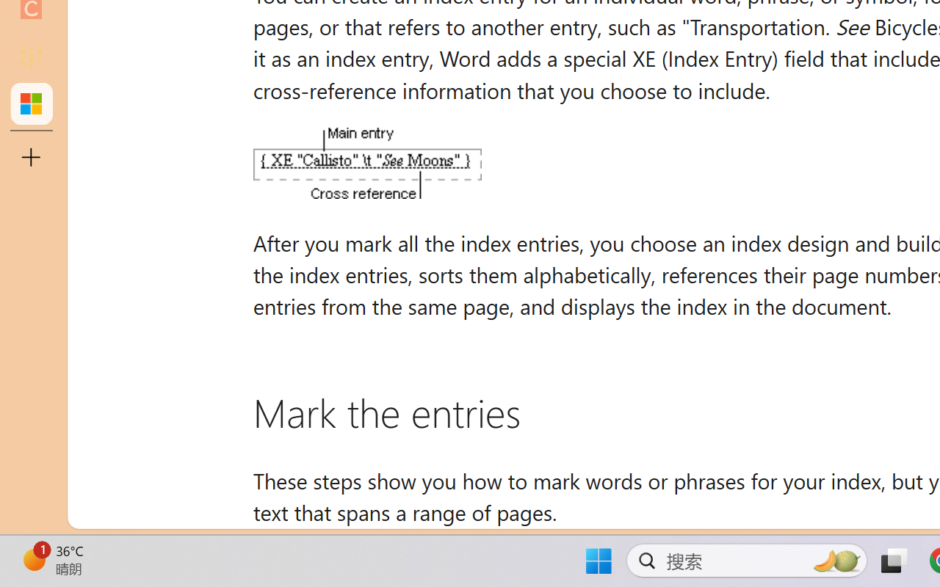 This screenshot has width=940, height=587. What do you see at coordinates (366, 163) in the screenshot?
I see `'An XE (Index Entry) field'` at bounding box center [366, 163].